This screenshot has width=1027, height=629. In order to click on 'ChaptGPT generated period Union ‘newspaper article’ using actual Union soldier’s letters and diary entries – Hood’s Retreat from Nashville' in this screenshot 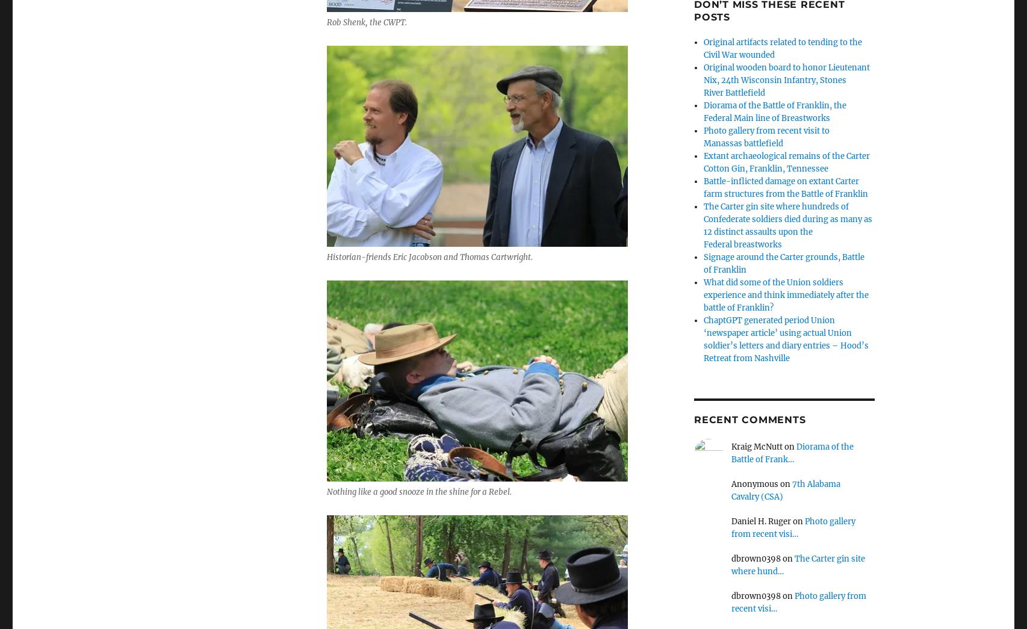, I will do `click(785, 339)`.